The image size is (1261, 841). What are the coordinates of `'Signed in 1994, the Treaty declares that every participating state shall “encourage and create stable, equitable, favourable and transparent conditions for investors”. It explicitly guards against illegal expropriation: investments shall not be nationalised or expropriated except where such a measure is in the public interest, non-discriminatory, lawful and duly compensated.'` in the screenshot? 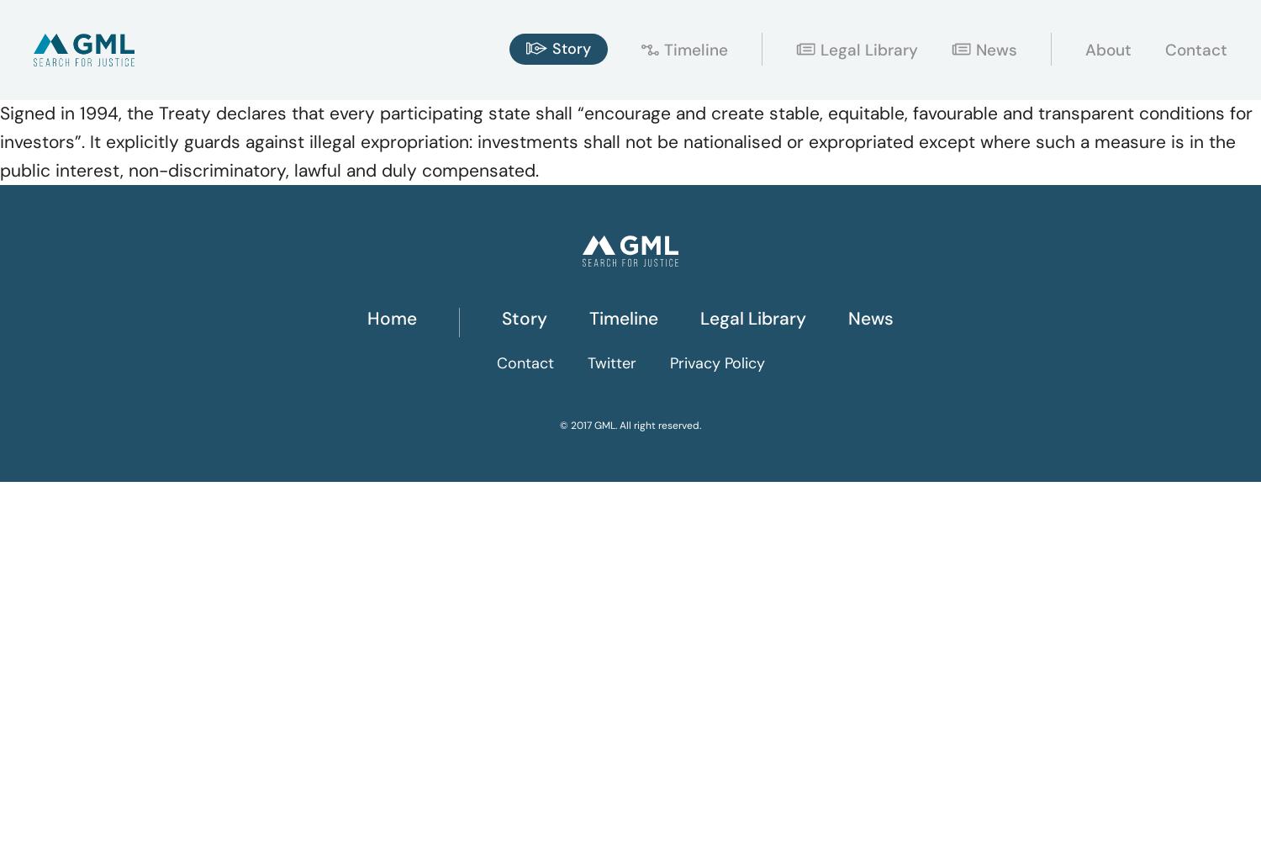 It's located at (625, 142).